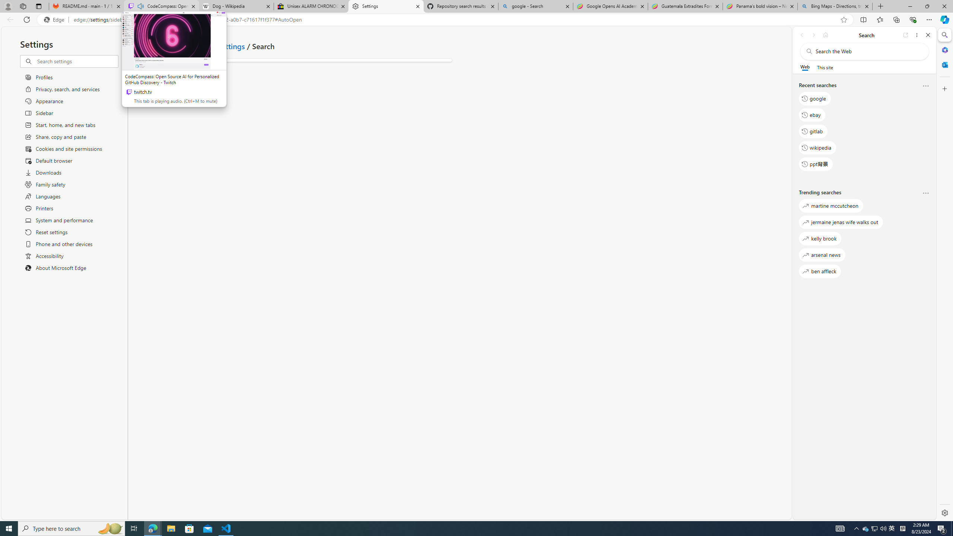 The width and height of the screenshot is (953, 536). I want to click on 'google', so click(815, 98).